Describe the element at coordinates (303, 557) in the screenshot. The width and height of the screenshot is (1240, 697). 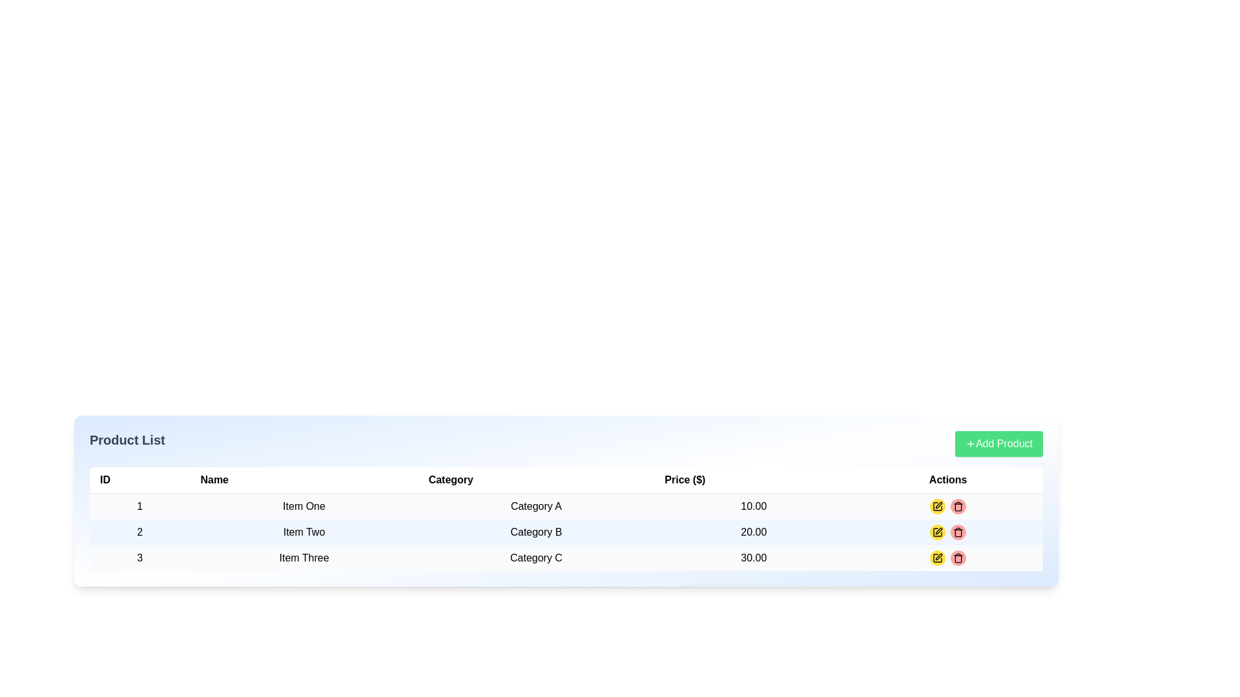
I see `the Text Label displaying 'Item Three', which is the second cell in the row for the third item of the table, located centrally between 'Category C' and '3'` at that location.